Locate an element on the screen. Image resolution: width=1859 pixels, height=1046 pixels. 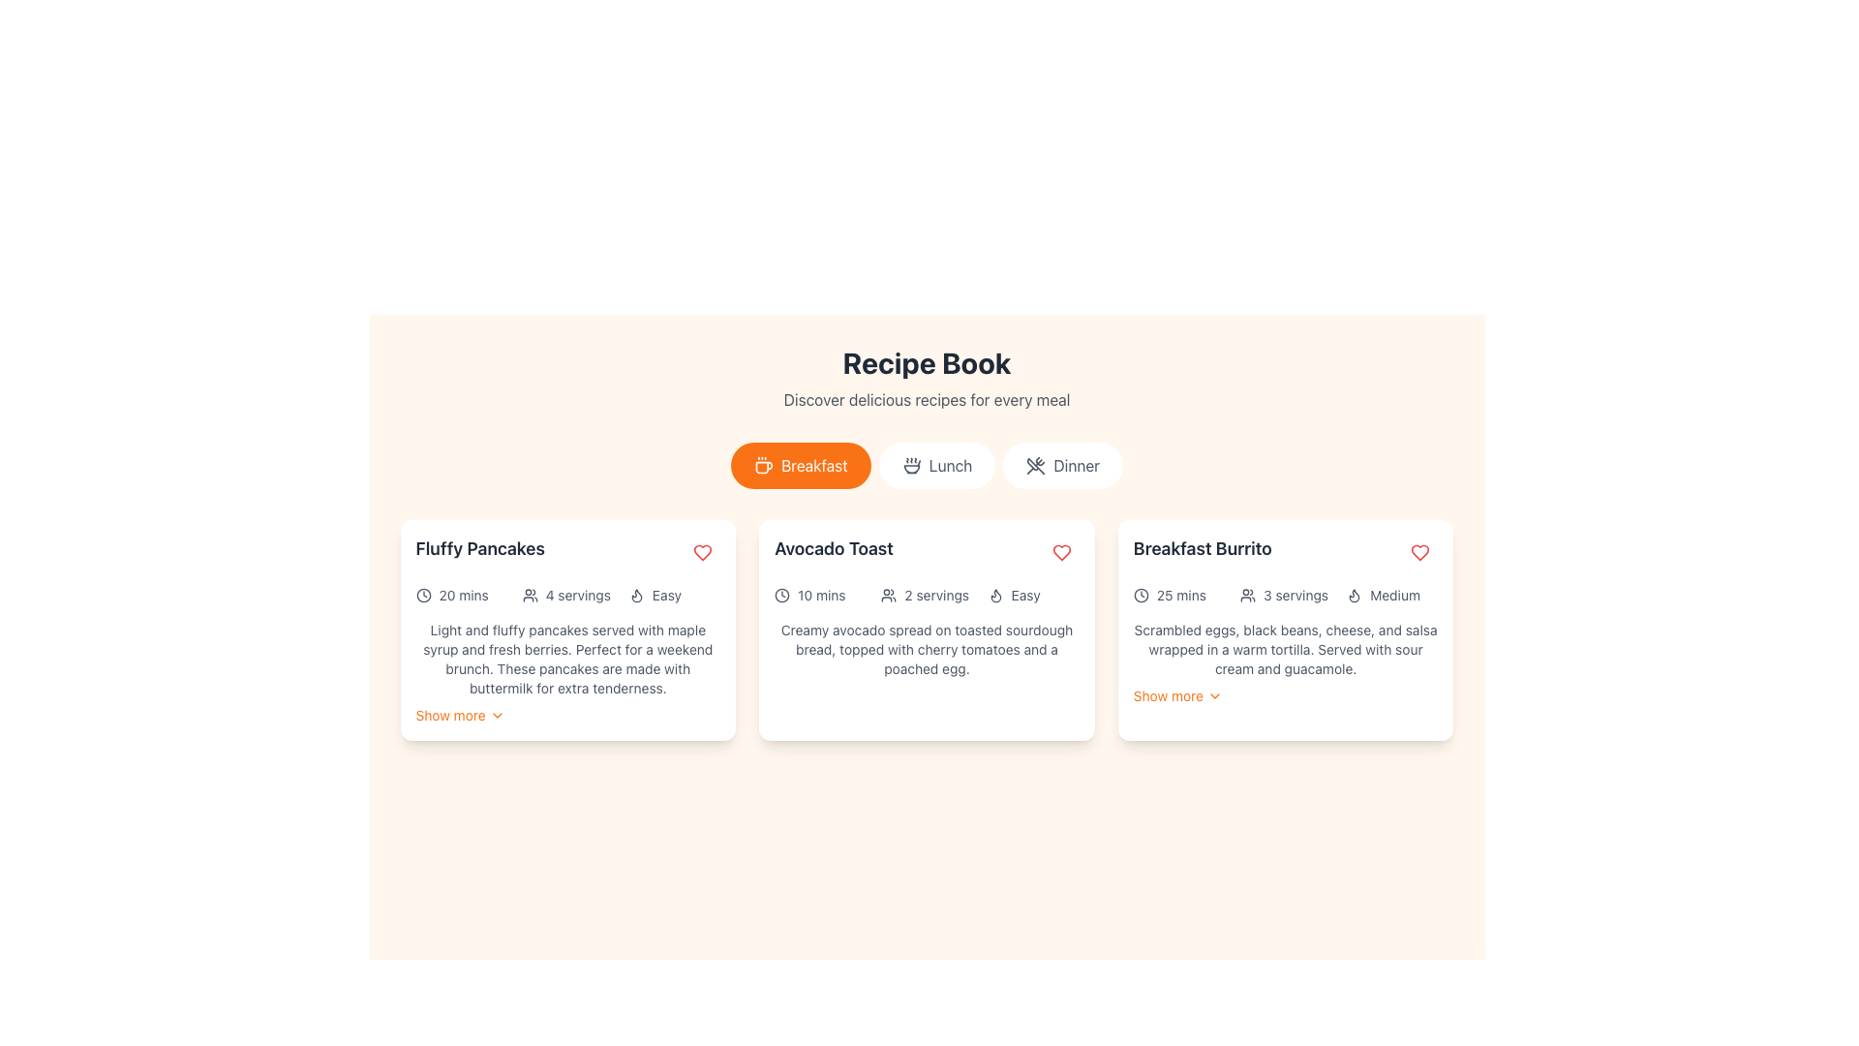
the expandable dropdown icon located at the bottom-right of the 'Breakfast Burrito' card is located at coordinates (1213, 694).